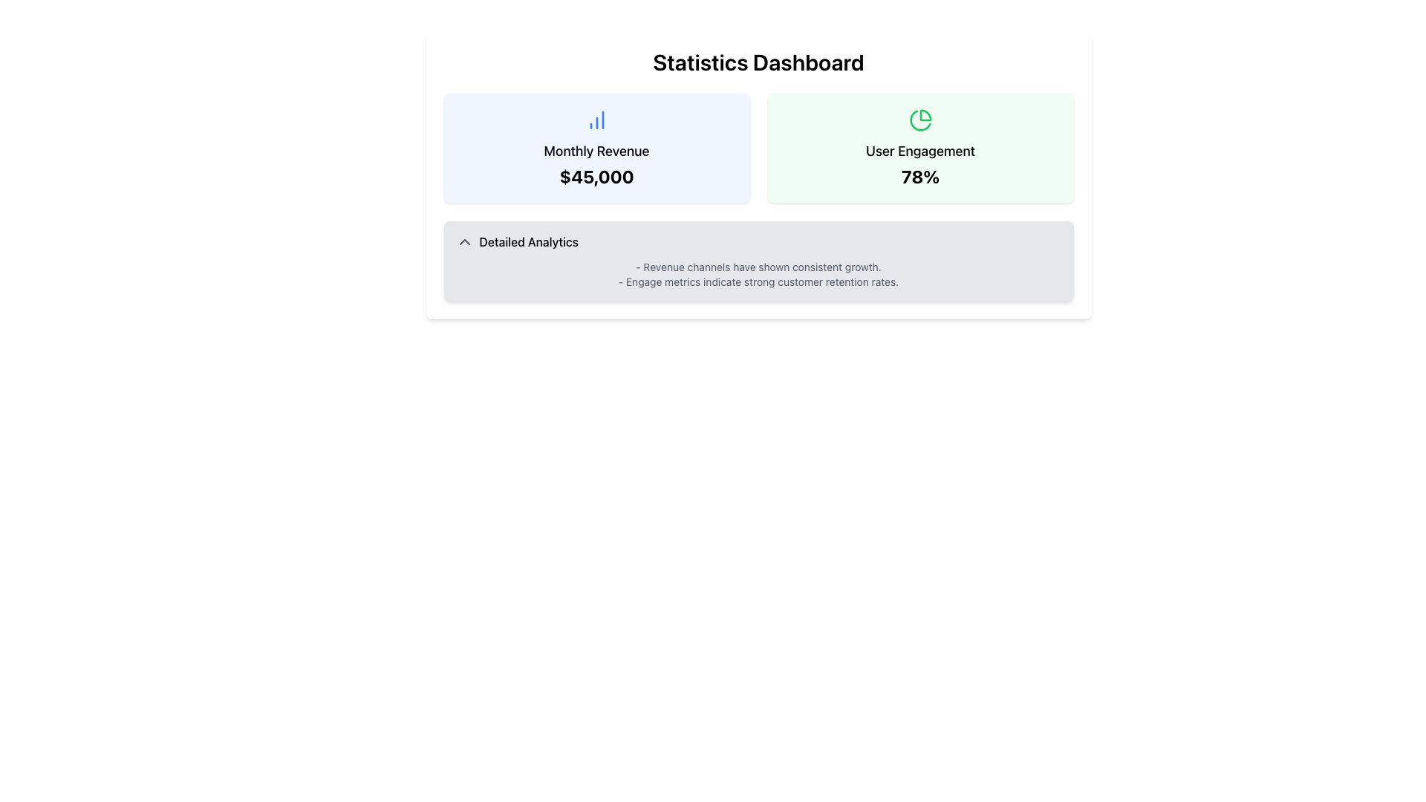 The width and height of the screenshot is (1426, 802). Describe the element at coordinates (596, 176) in the screenshot. I see `information displayed in the Text Display for Monthly Revenue, which is located at the center of the bottom section of a light blue card beneath the label 'Monthly Revenue'` at that location.